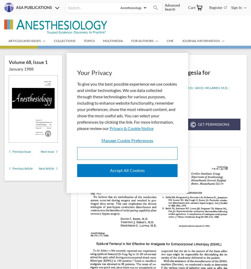 The image size is (251, 269). I want to click on 'Cite', so click(182, 124).